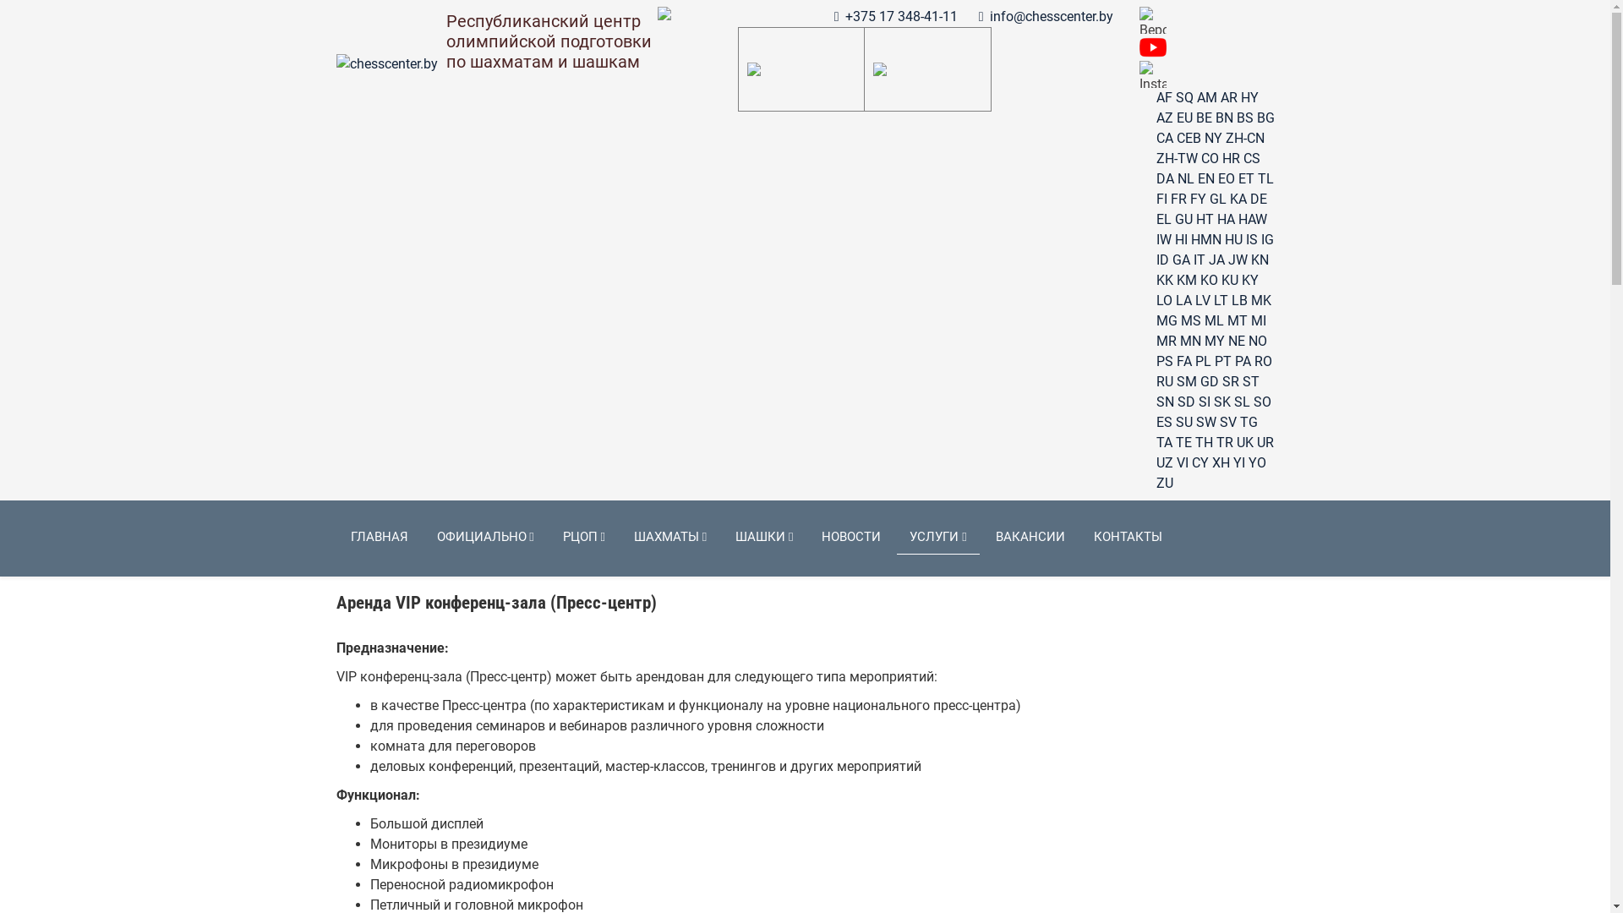 The height and width of the screenshot is (913, 1623). What do you see at coordinates (1229, 97) in the screenshot?
I see `'AR'` at bounding box center [1229, 97].